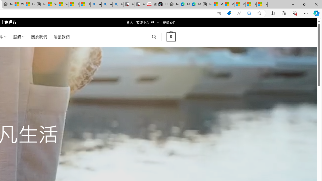 This screenshot has width=322, height=181. I want to click on 'amazon - Search Images', so click(107, 4).